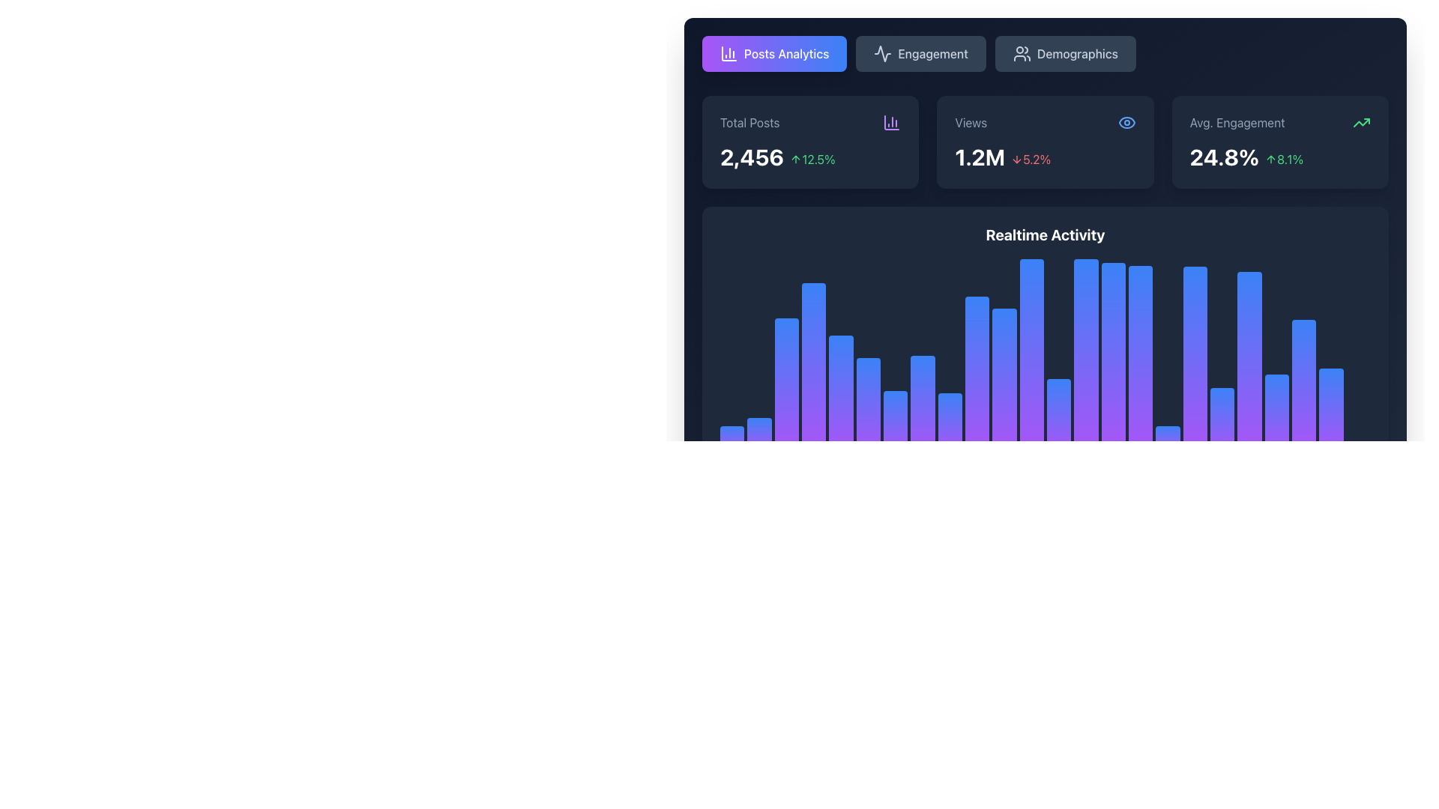 This screenshot has height=809, width=1439. I want to click on the green trending-up icon next to the text 'Avg. Engagement', so click(1279, 122).